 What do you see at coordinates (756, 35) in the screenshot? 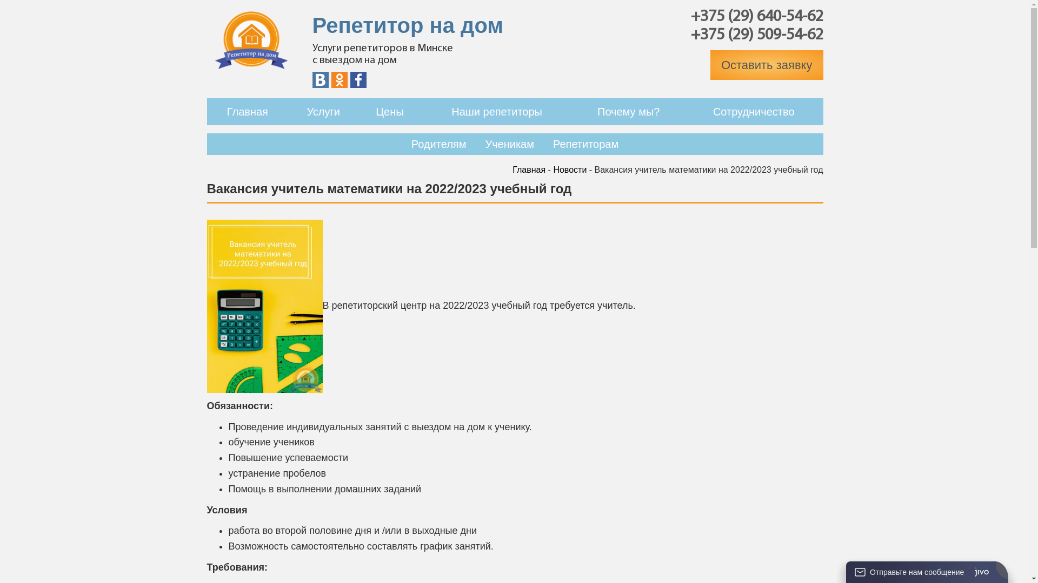
I see `'+375 (29) 509-54-62'` at bounding box center [756, 35].